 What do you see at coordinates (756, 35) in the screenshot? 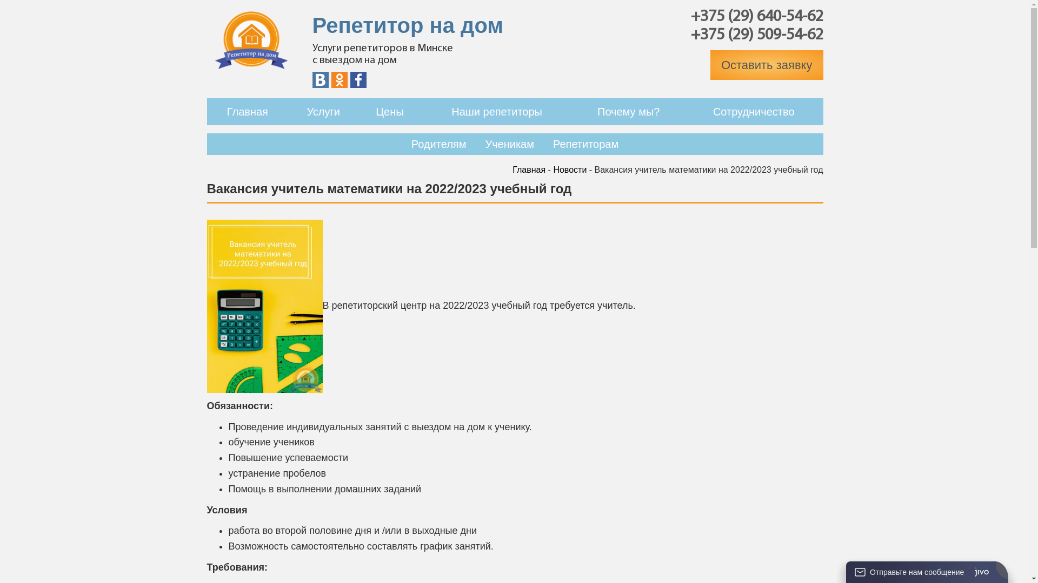
I see `'+375 (29) 509-54-62'` at bounding box center [756, 35].